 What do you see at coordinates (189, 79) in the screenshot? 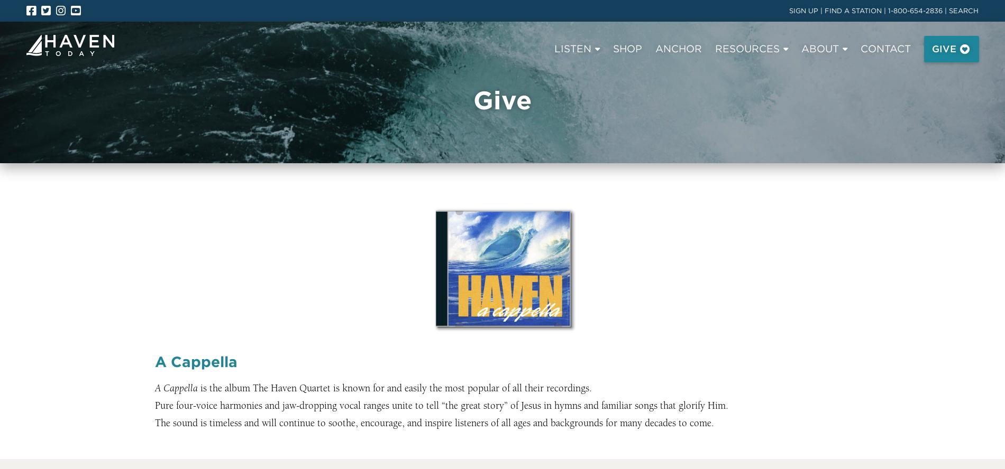
I see `'Program Archive'` at bounding box center [189, 79].